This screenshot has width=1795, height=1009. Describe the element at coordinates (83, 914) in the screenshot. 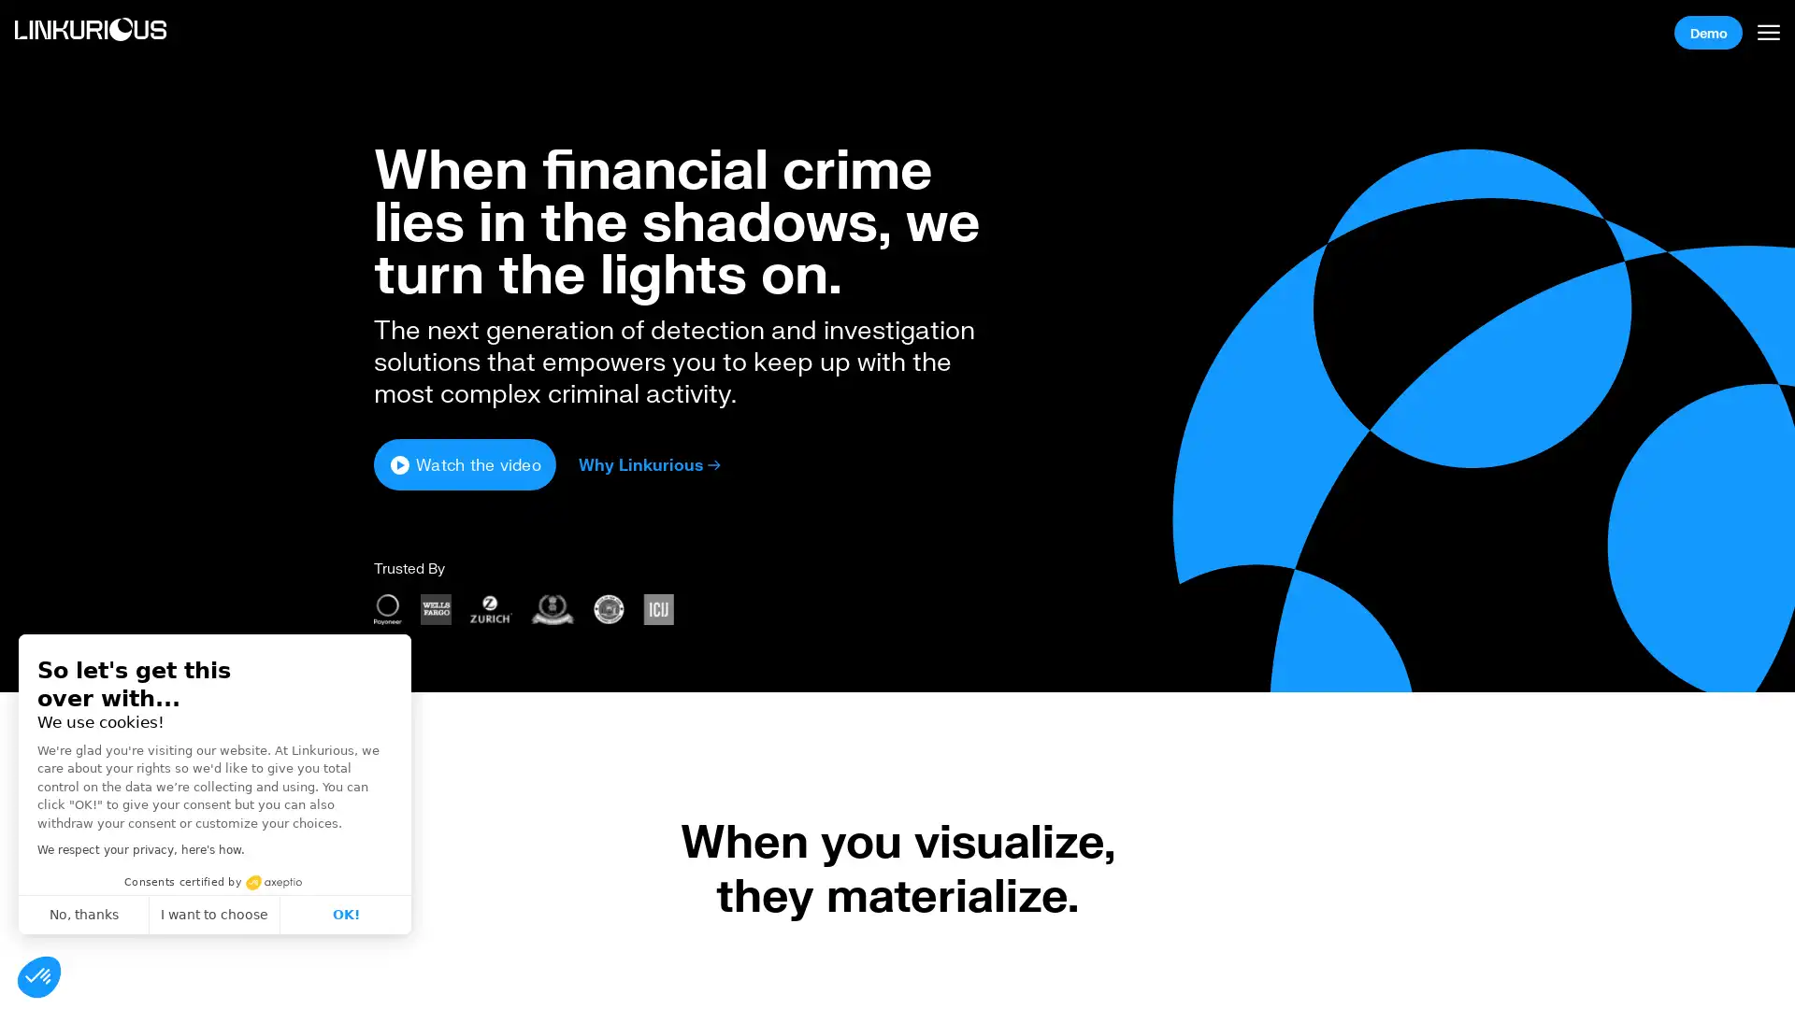

I see `No, thanks` at that location.